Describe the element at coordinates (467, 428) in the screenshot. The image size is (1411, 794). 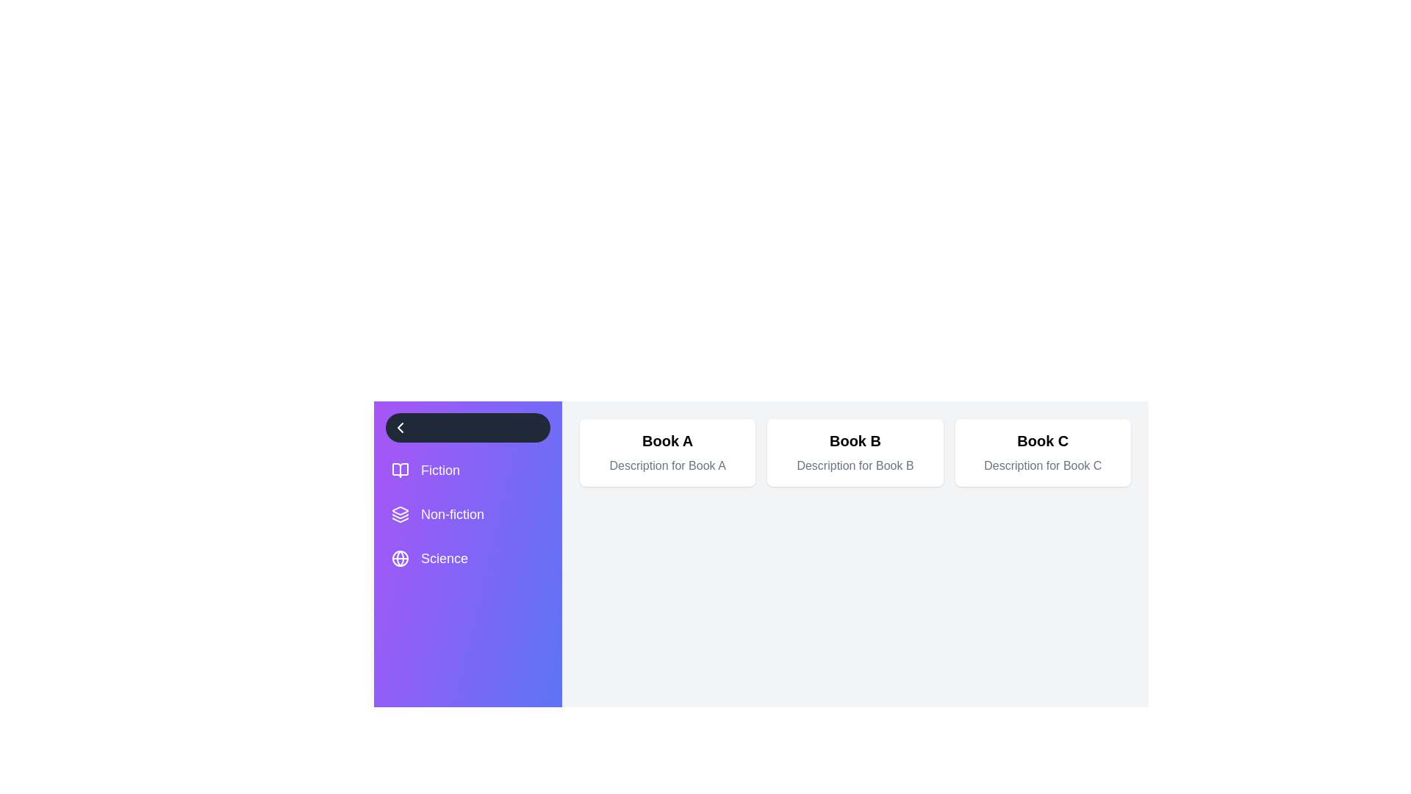
I see `the arrow button to toggle the drawer open or closed` at that location.